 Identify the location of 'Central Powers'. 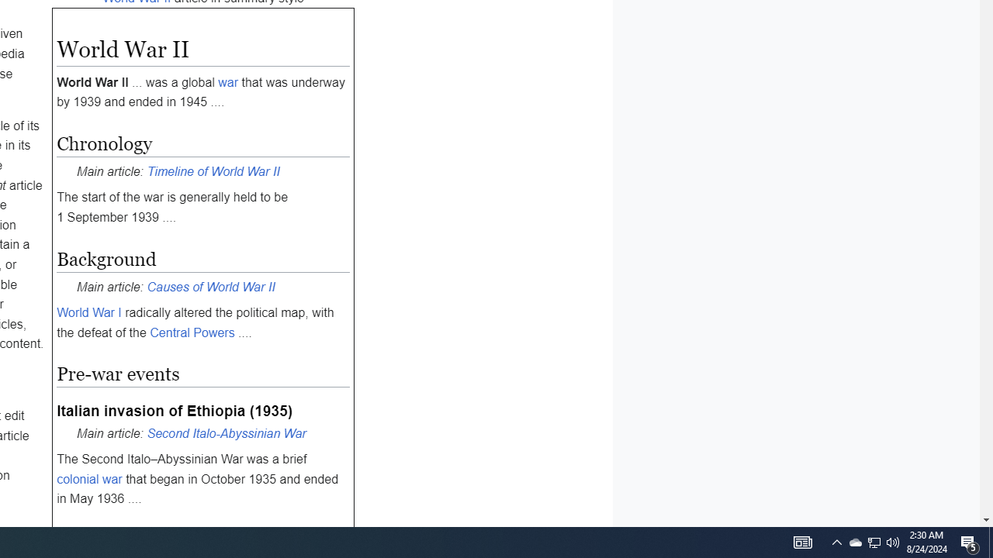
(192, 331).